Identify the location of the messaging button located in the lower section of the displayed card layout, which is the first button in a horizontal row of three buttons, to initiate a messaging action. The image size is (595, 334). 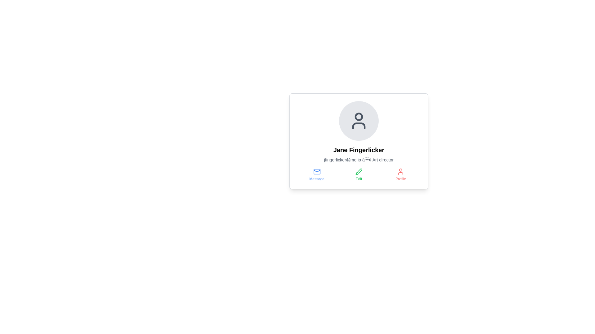
(317, 174).